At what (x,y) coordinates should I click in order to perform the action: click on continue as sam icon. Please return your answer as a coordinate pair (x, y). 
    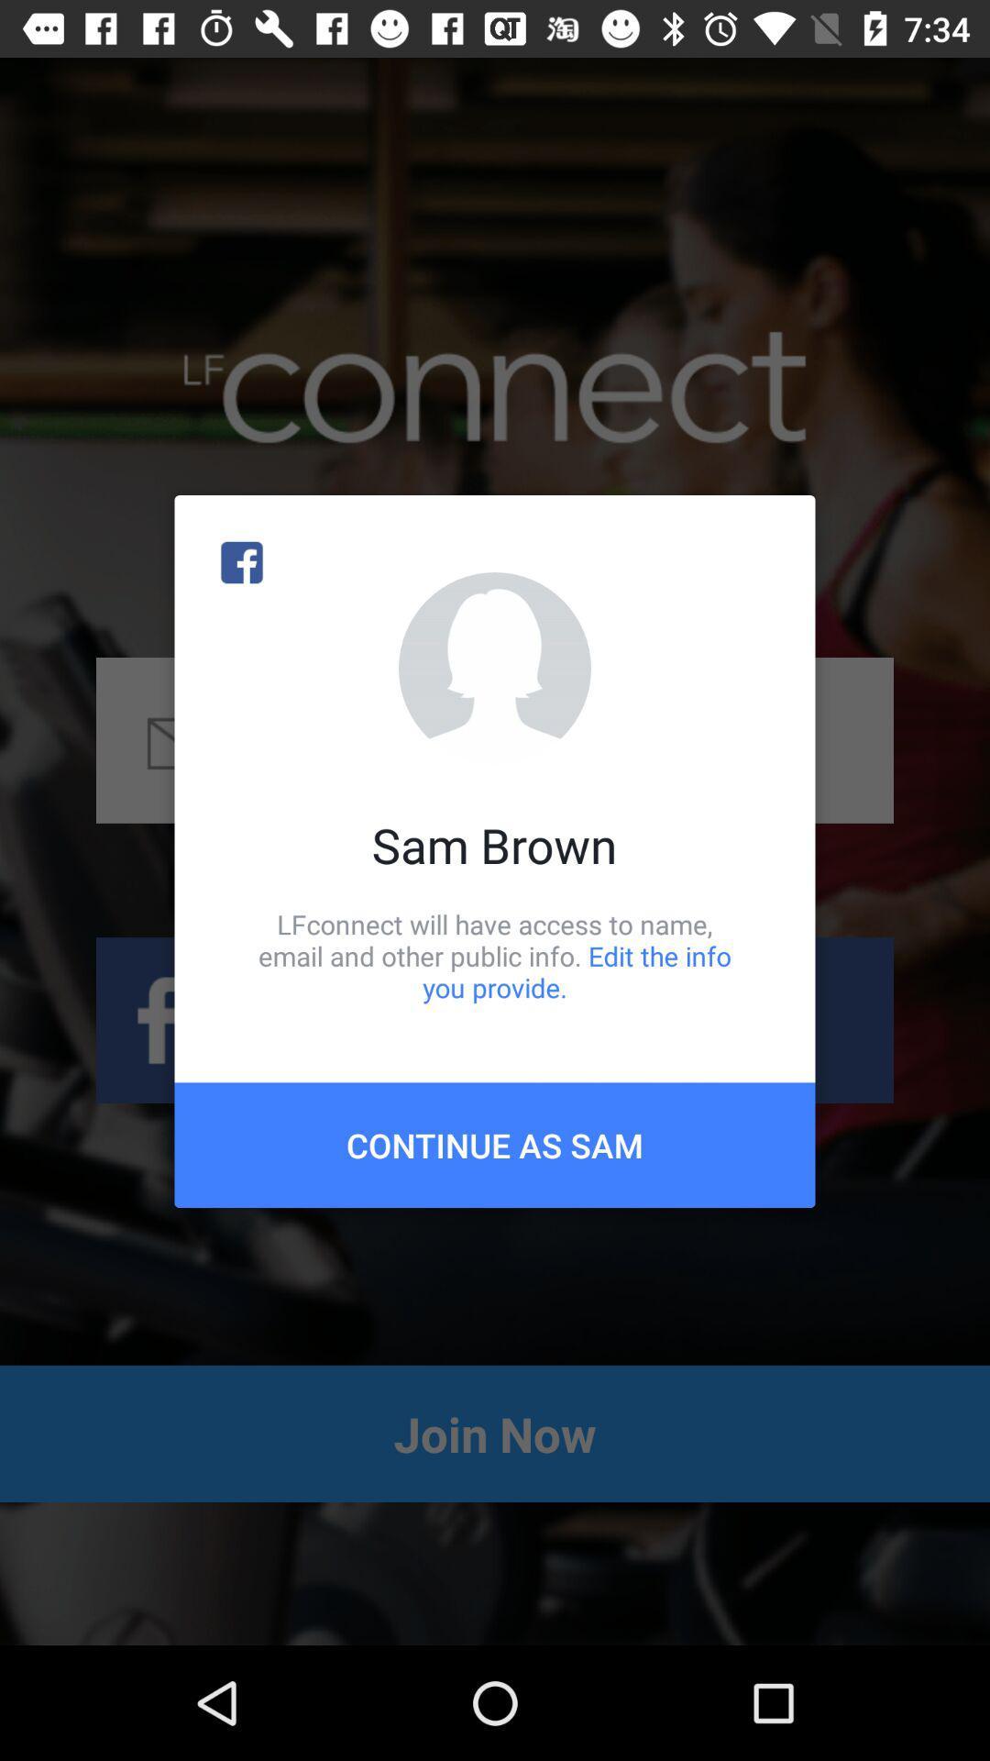
    Looking at the image, I should click on (495, 1144).